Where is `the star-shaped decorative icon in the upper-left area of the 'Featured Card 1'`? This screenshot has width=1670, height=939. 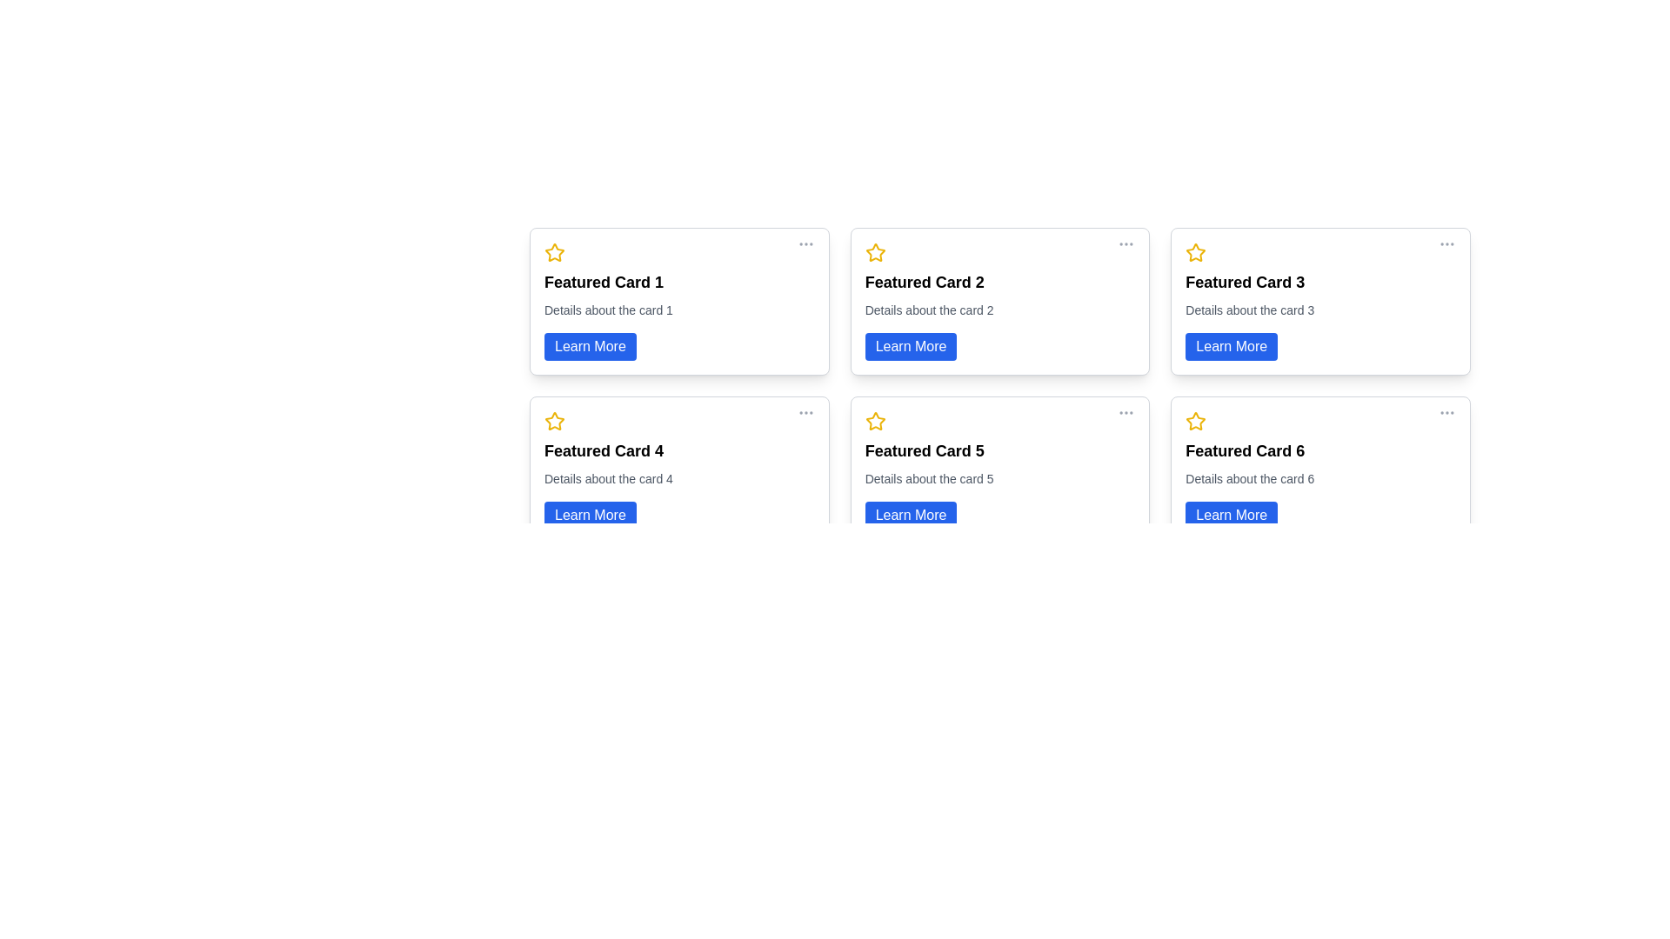 the star-shaped decorative icon in the upper-left area of the 'Featured Card 1' is located at coordinates (554, 252).